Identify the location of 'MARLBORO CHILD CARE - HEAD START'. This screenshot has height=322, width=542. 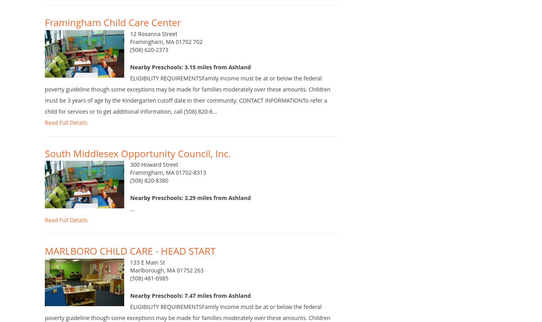
(130, 263).